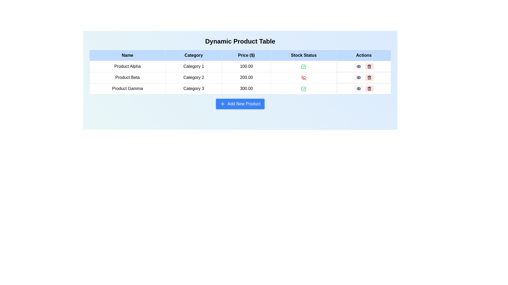 The width and height of the screenshot is (508, 285). Describe the element at coordinates (193, 66) in the screenshot. I see `the text label displaying 'Category 1' located` at that location.